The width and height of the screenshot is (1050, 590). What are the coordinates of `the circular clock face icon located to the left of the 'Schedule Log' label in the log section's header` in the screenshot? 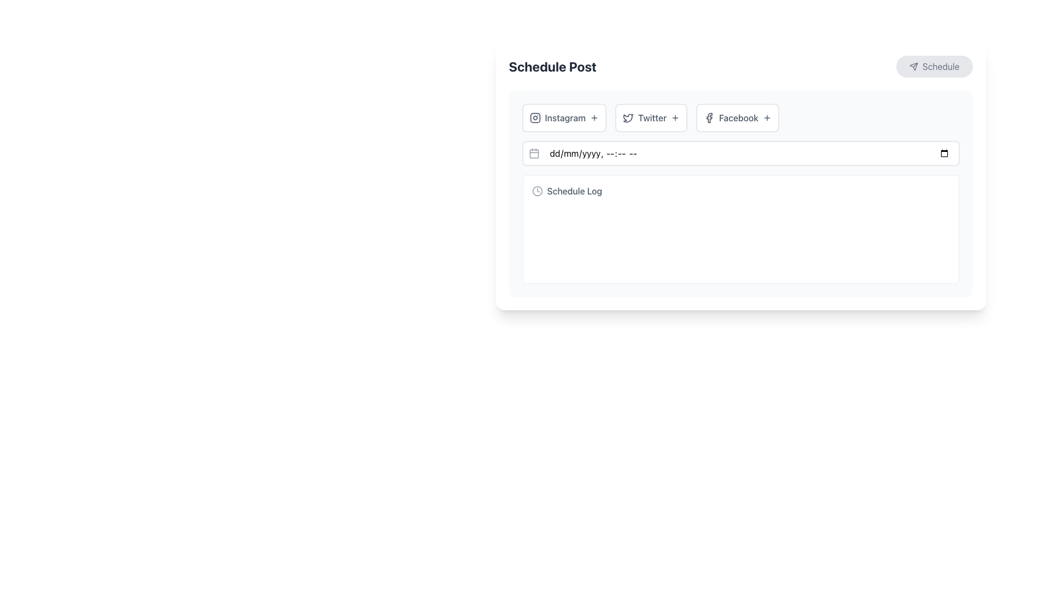 It's located at (537, 191).